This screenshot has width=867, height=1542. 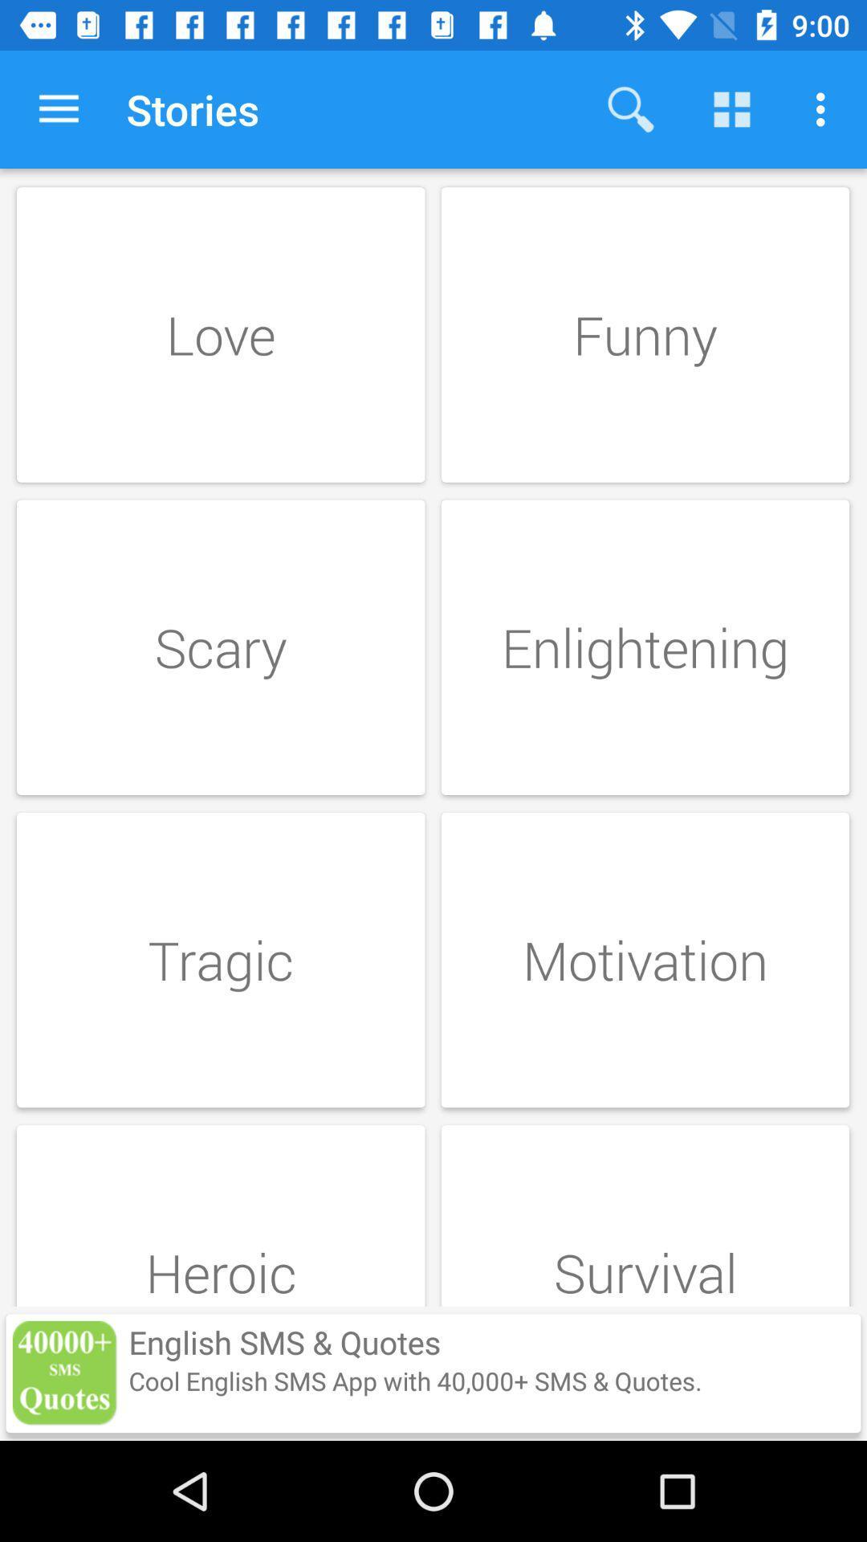 What do you see at coordinates (58, 108) in the screenshot?
I see `the icon above the love icon` at bounding box center [58, 108].